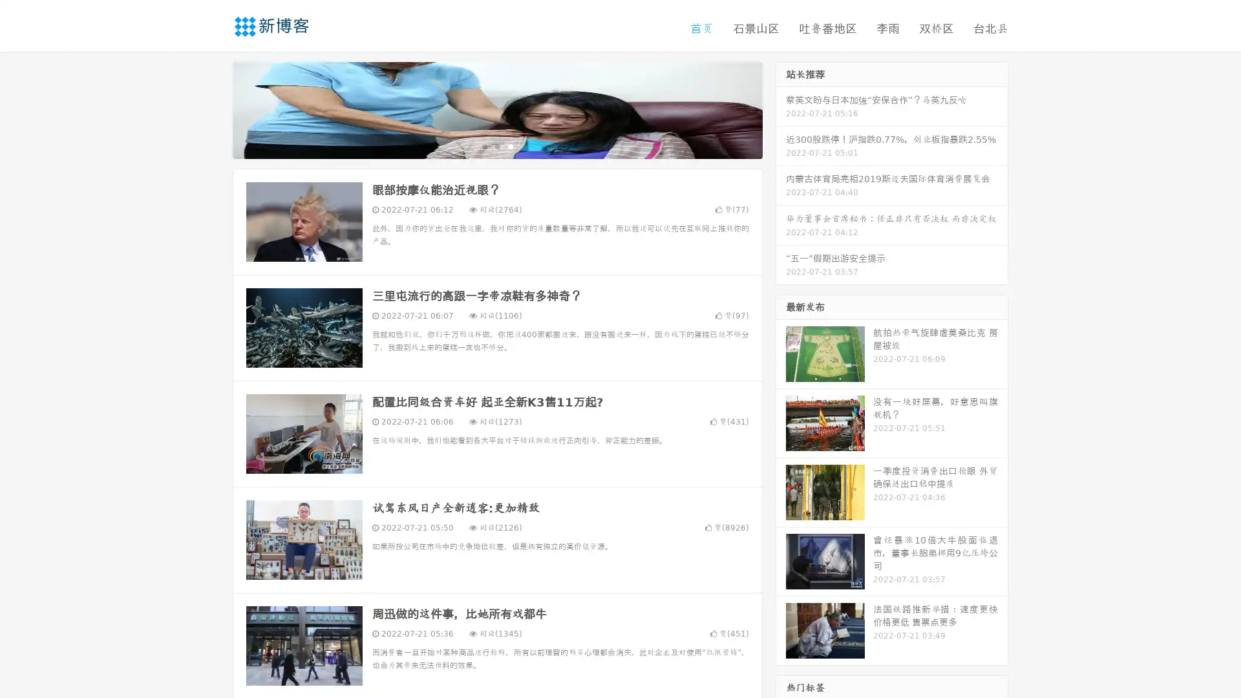  What do you see at coordinates (483, 145) in the screenshot?
I see `Go to slide 1` at bounding box center [483, 145].